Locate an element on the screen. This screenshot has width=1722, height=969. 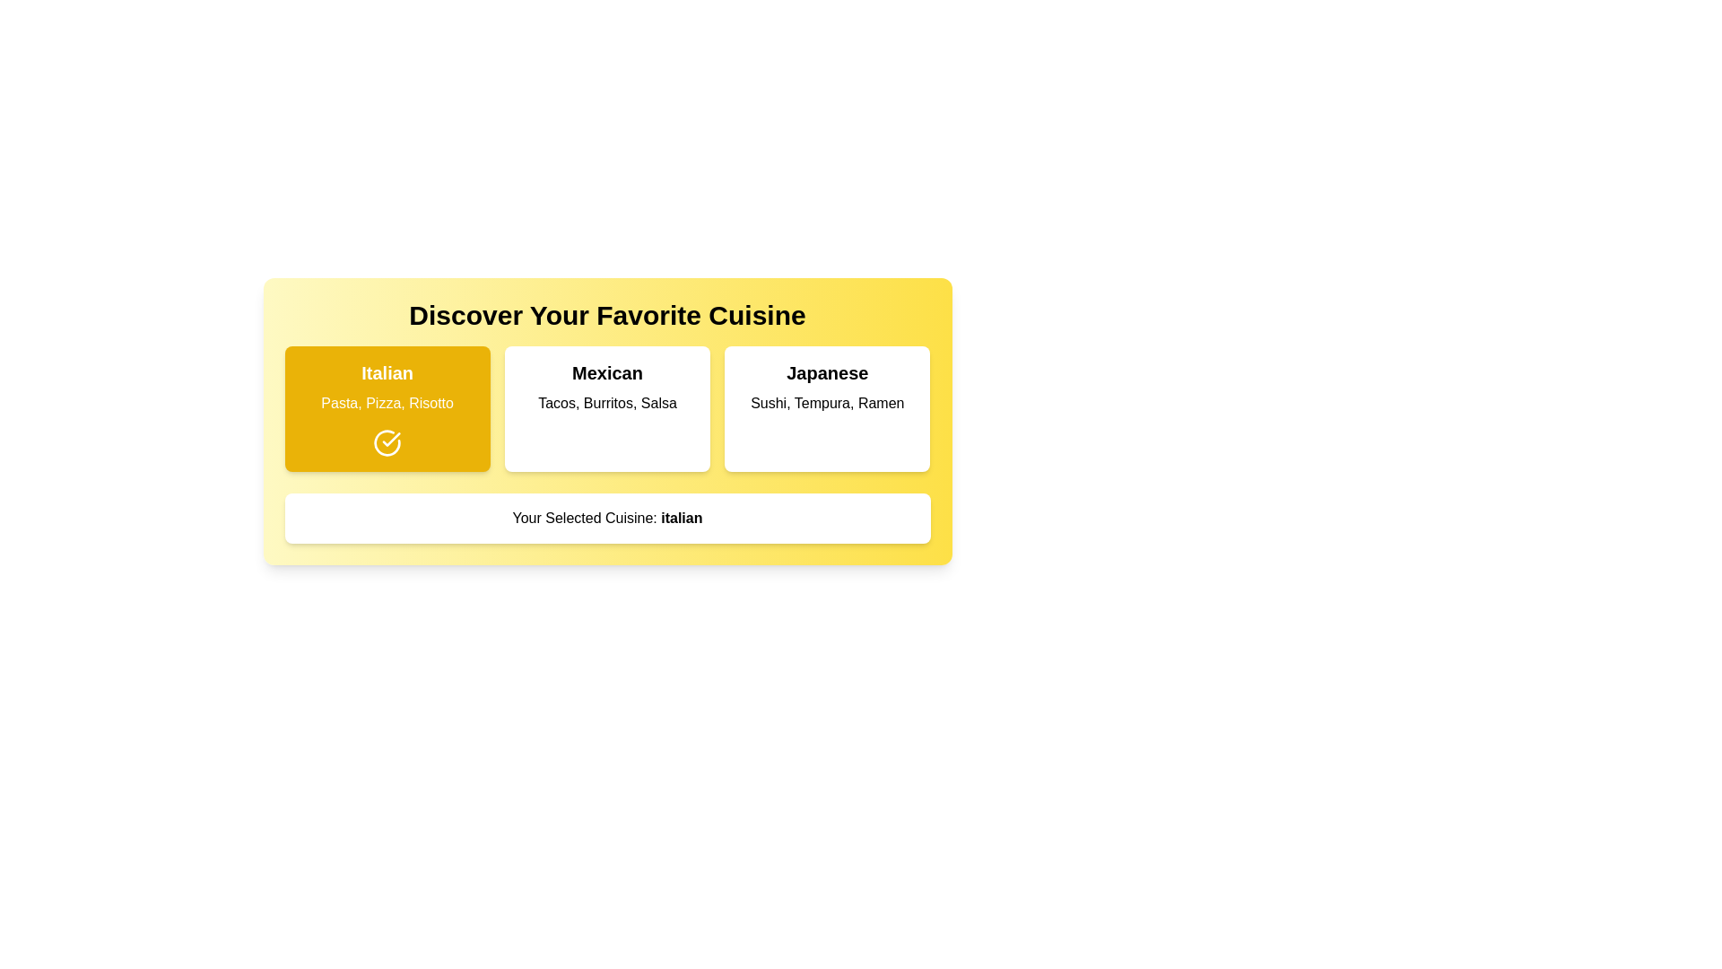
the 'Mexican' clickable card, which is the second item in a grid of three cards is located at coordinates (607, 408).